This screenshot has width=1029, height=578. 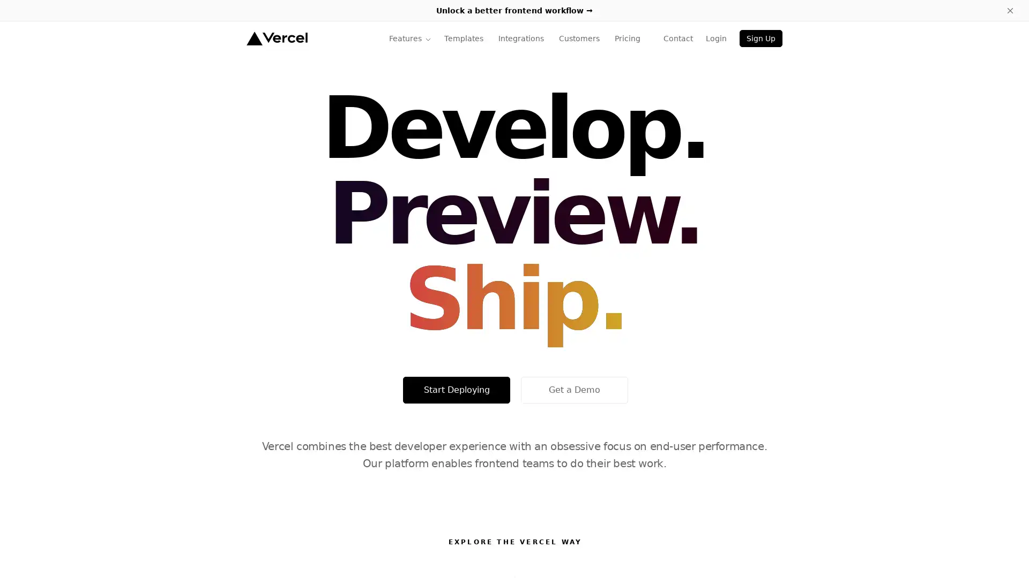 I want to click on home, so click(x=277, y=38).